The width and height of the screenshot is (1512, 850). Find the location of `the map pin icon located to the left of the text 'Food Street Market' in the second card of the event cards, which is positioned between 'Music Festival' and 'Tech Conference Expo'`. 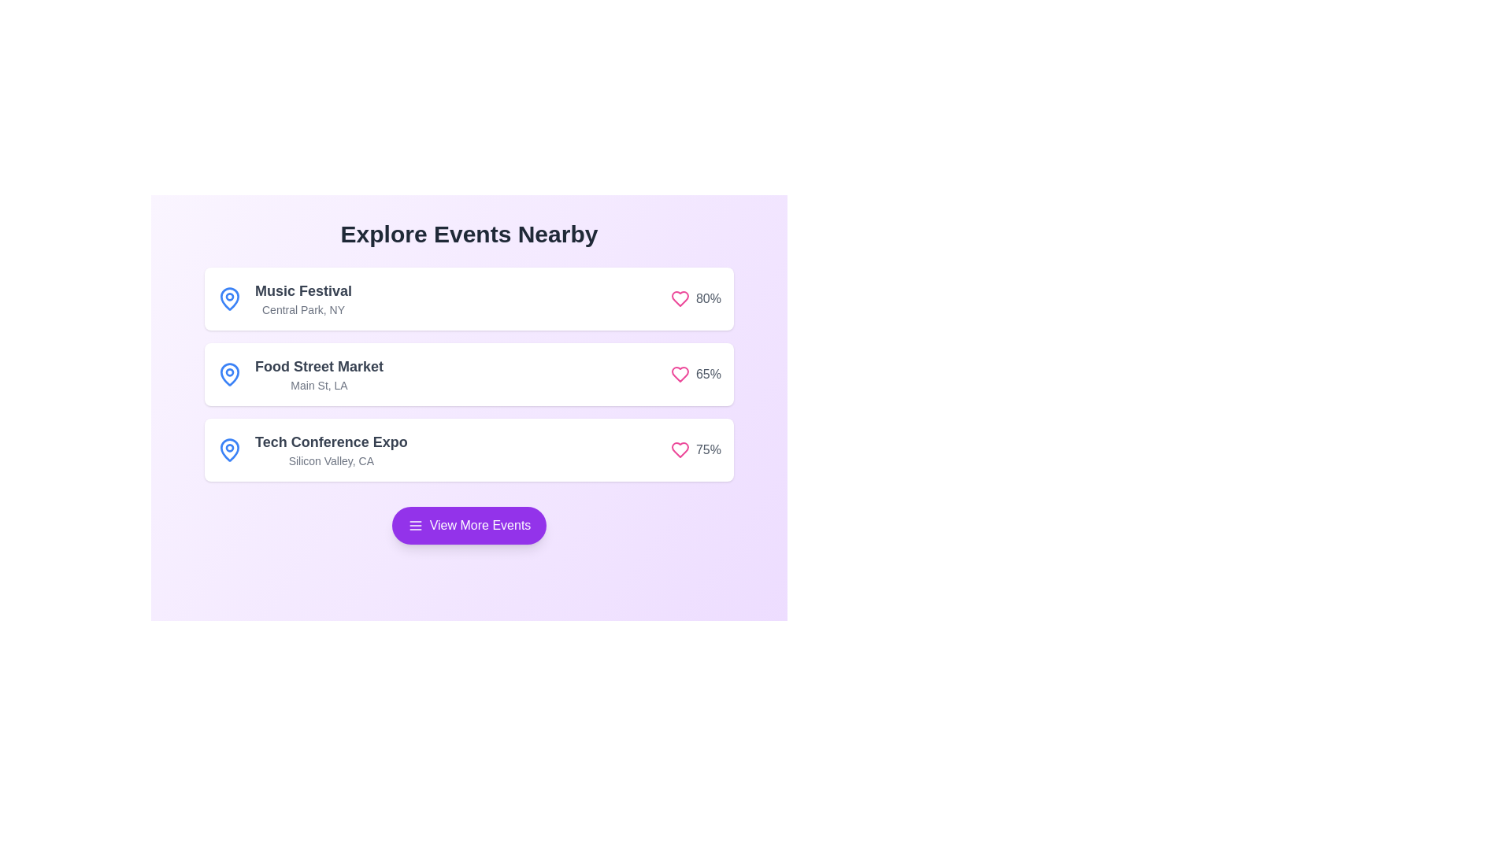

the map pin icon located to the left of the text 'Food Street Market' in the second card of the event cards, which is positioned between 'Music Festival' and 'Tech Conference Expo' is located at coordinates (229, 374).